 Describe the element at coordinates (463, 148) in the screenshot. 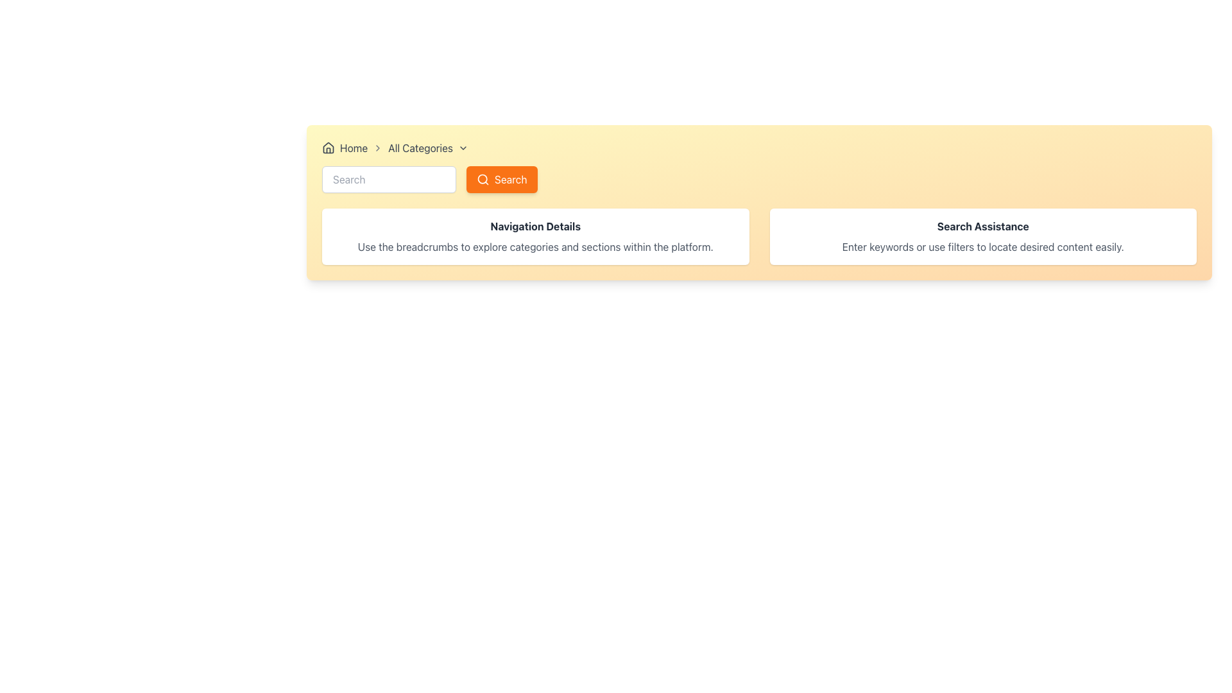

I see `the Chevron Down Icon located immediately to the right of 'All Categories' in the breadcrumb navigation bar` at that location.